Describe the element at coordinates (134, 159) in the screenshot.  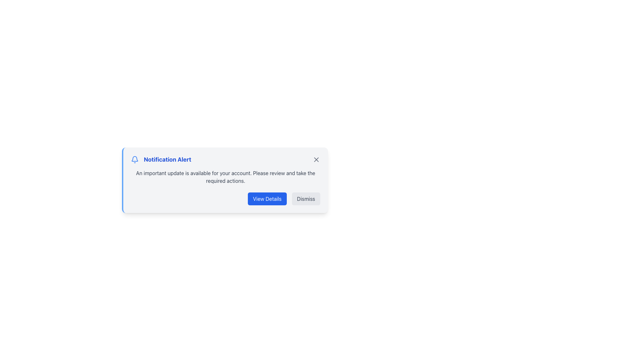
I see `lower outline arc of the blue-outlined bell in the notification icon, located to the left of the 'Notification Alert' heading, for development purposes` at that location.